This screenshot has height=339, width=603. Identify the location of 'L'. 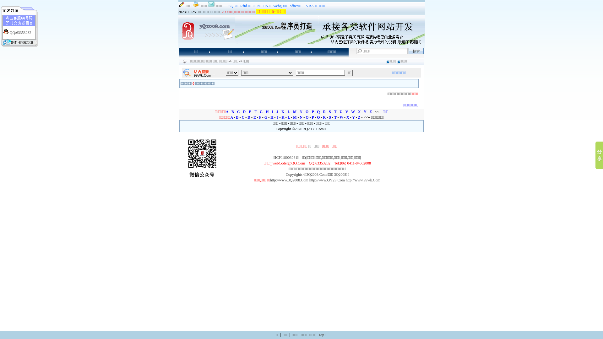
(288, 117).